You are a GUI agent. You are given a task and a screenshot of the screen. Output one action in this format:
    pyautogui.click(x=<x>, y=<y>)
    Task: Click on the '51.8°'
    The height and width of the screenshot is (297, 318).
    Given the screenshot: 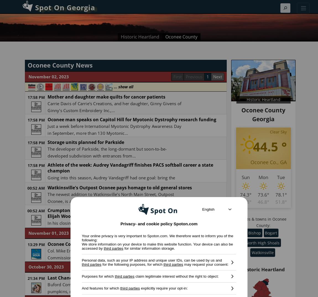 What is the action you would take?
    pyautogui.click(x=281, y=201)
    